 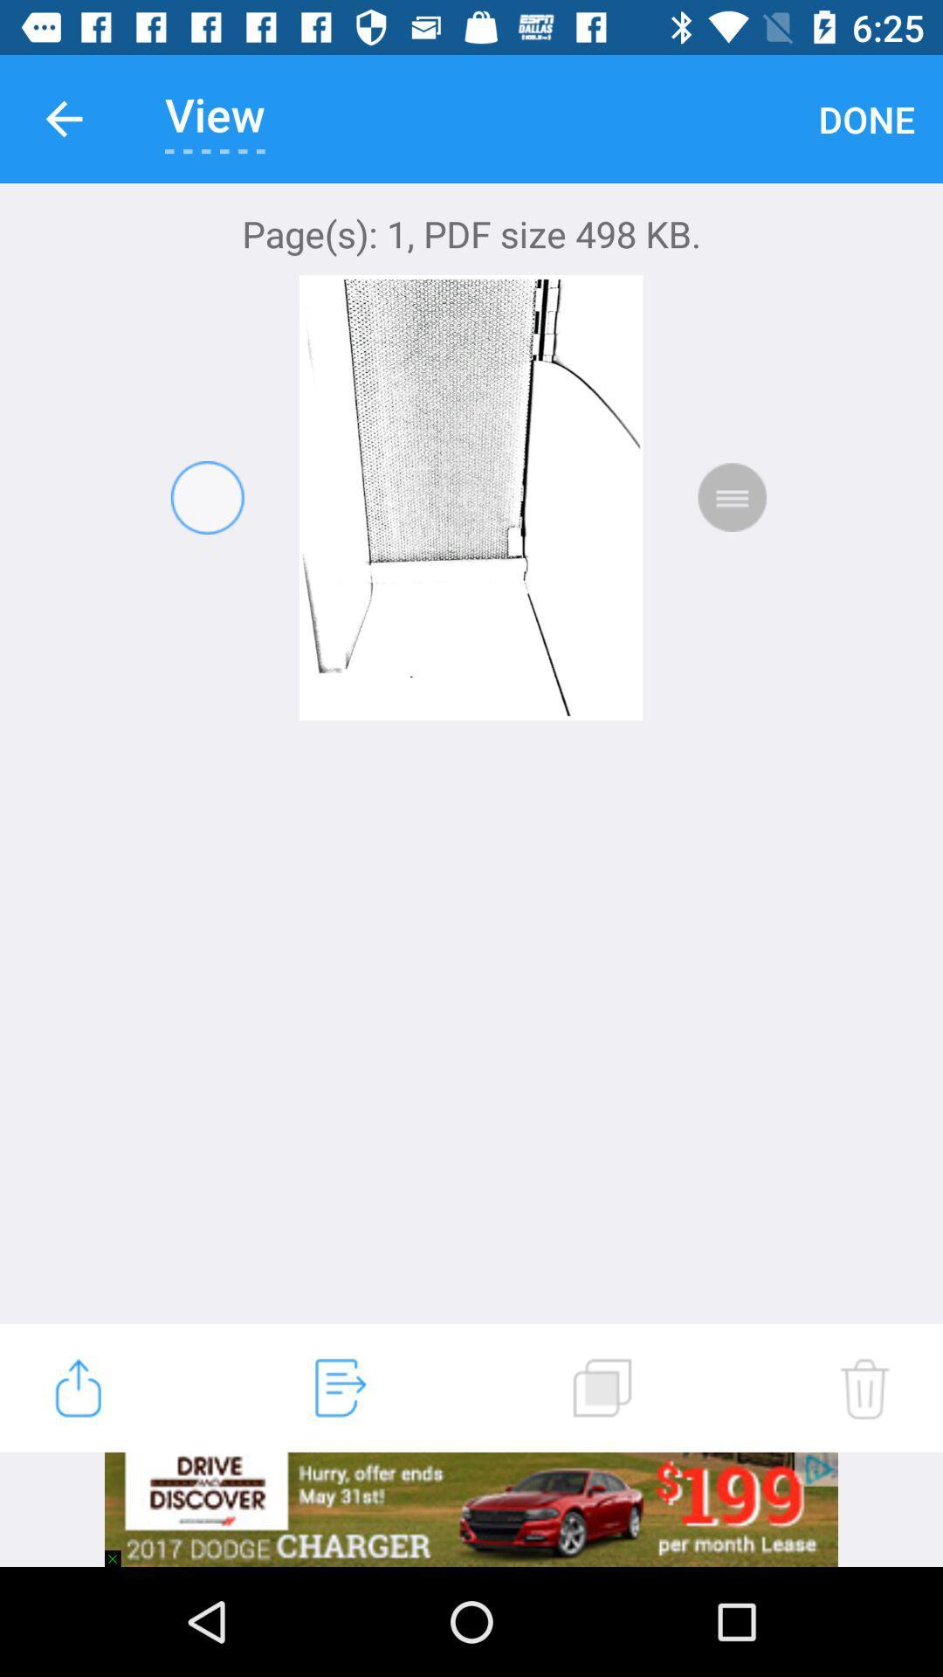 I want to click on the copy icon, so click(x=602, y=1387).